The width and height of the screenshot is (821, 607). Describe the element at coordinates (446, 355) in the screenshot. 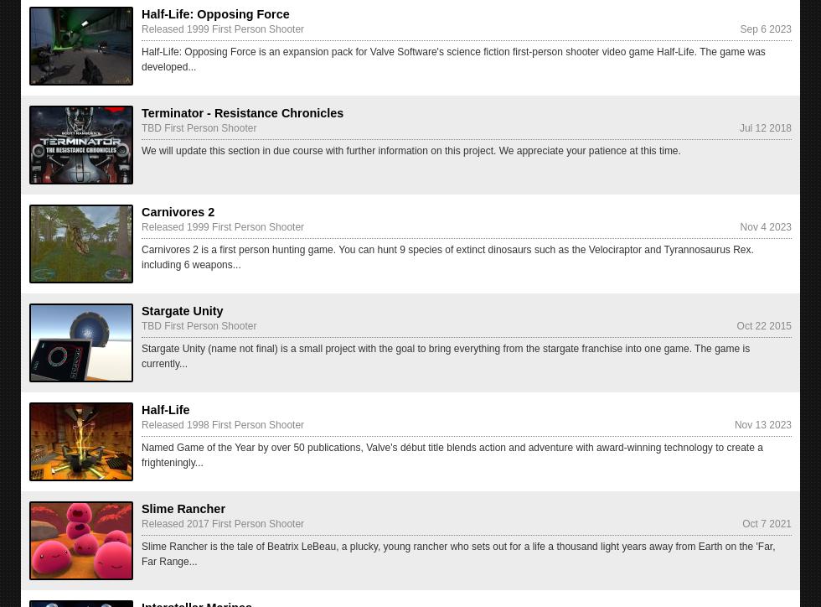

I see `'Stargate Unity (name not final) is a small project with the goal to bring everything from the stargate franchise into one game. The game is currently...'` at that location.